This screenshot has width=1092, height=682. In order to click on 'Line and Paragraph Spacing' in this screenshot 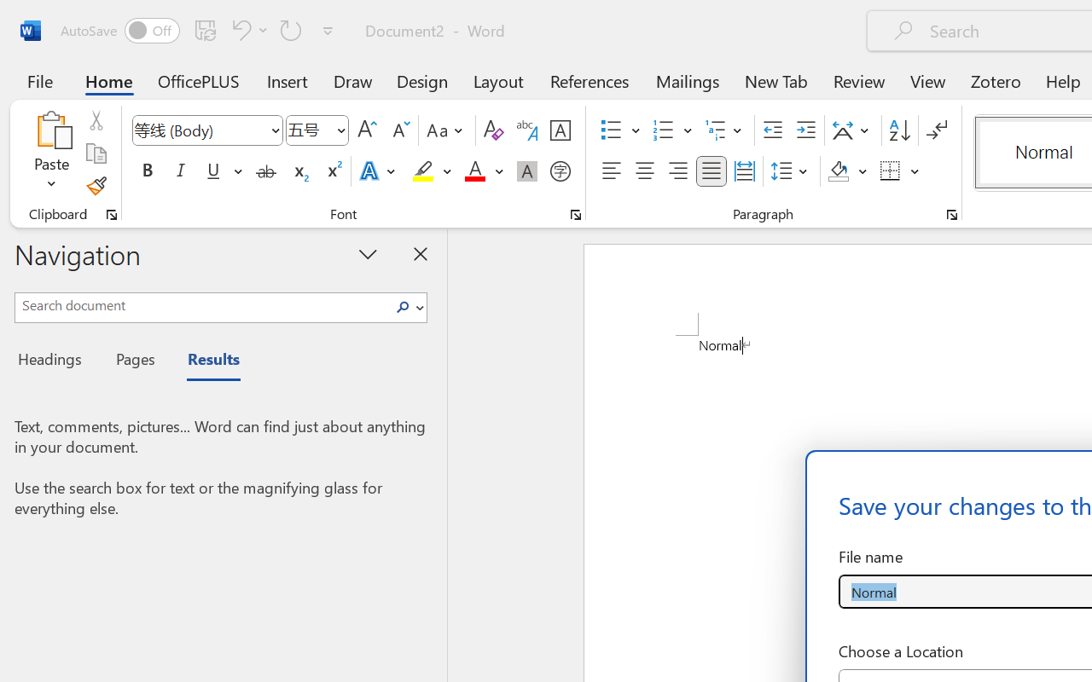, I will do `click(791, 171)`.